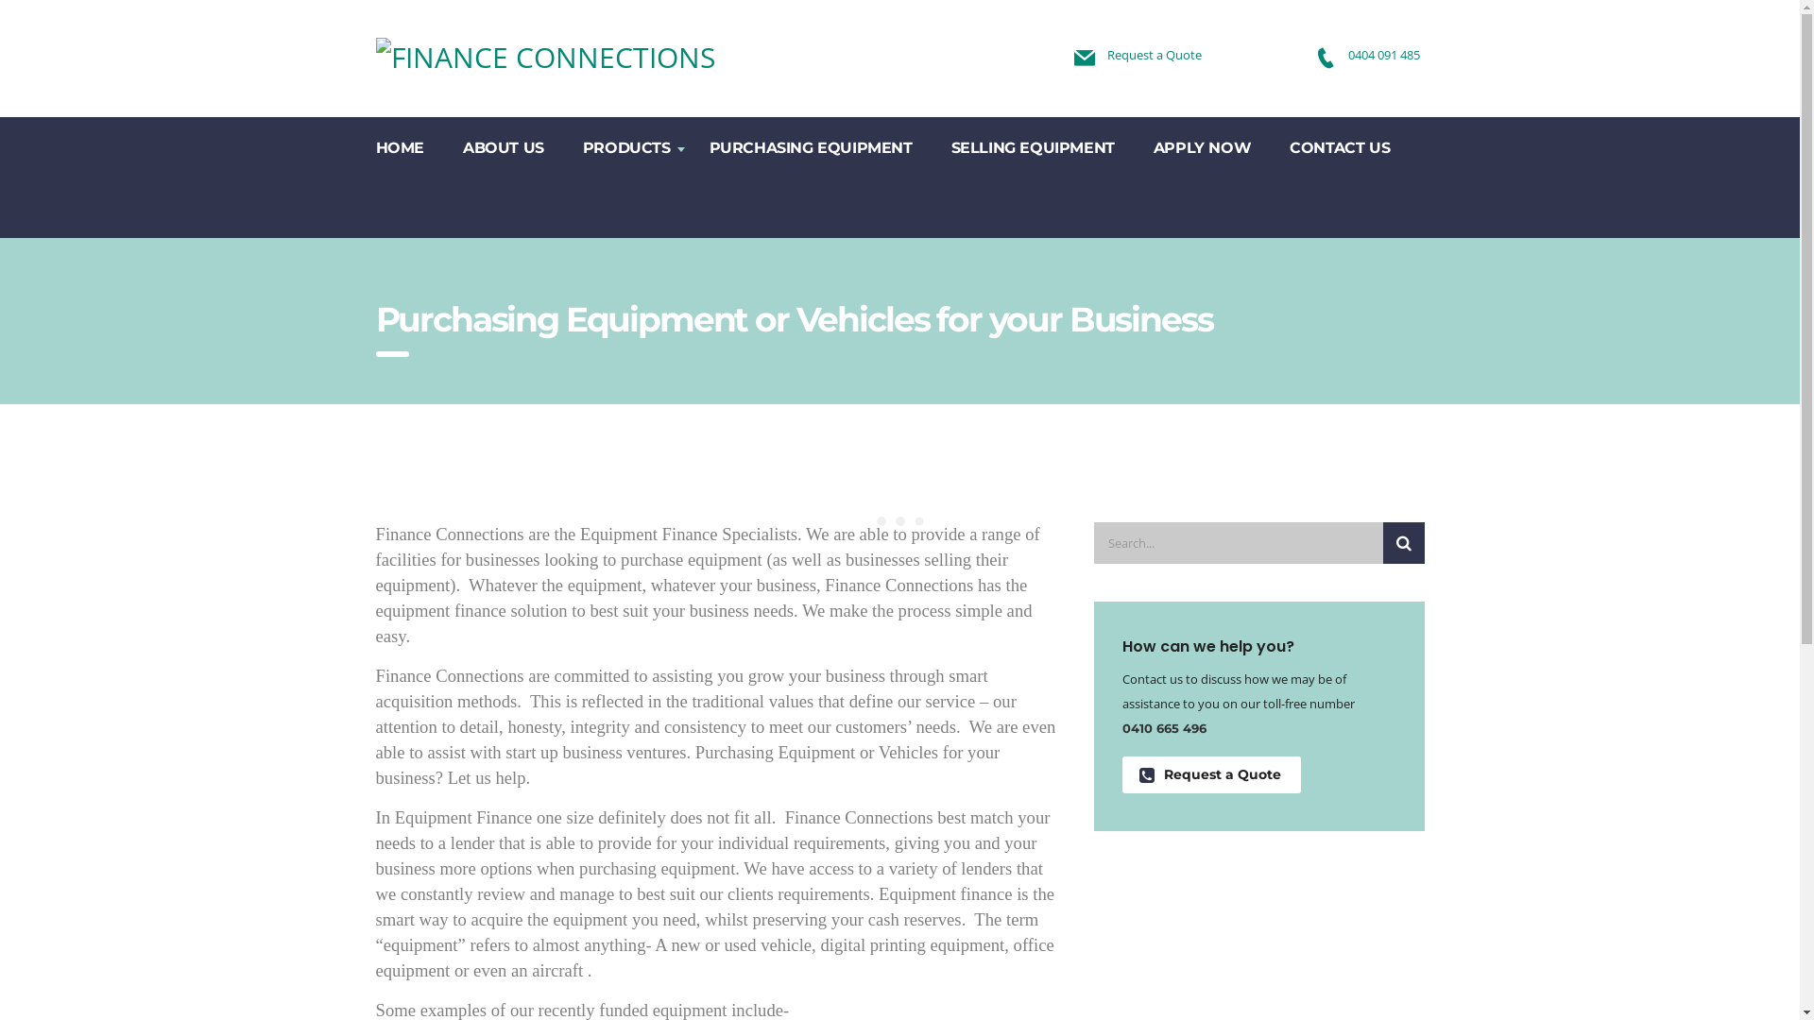 The width and height of the screenshot is (1814, 1020). Describe the element at coordinates (1154, 53) in the screenshot. I see `'Request a Quote'` at that location.